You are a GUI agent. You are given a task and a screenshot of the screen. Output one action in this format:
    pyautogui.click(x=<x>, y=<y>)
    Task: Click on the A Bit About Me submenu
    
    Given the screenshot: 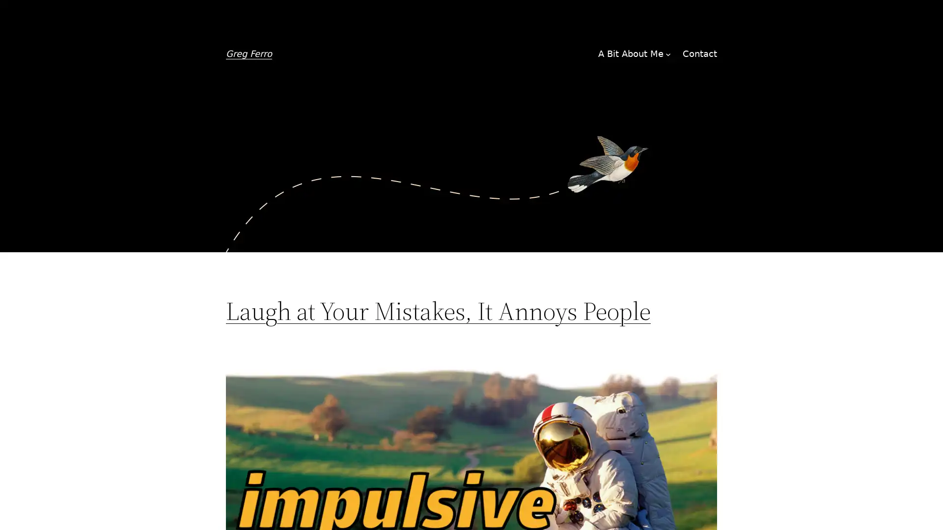 What is the action you would take?
    pyautogui.click(x=668, y=54)
    